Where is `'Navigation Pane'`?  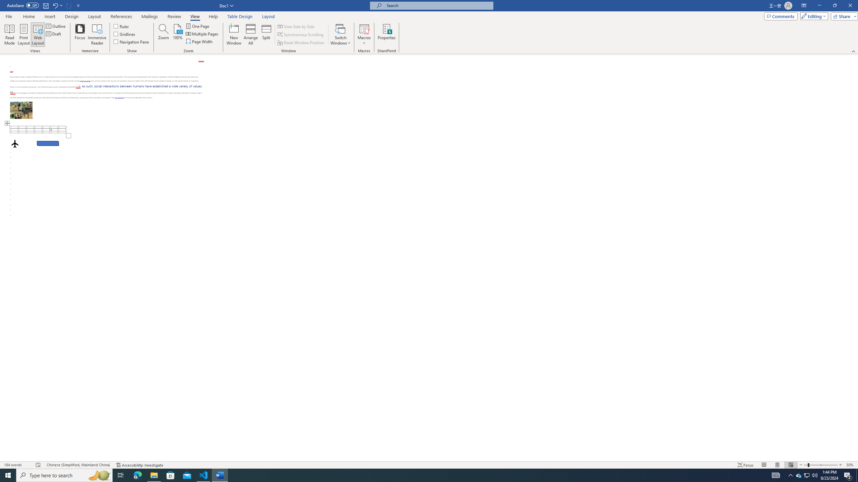
'Navigation Pane' is located at coordinates (131, 41).